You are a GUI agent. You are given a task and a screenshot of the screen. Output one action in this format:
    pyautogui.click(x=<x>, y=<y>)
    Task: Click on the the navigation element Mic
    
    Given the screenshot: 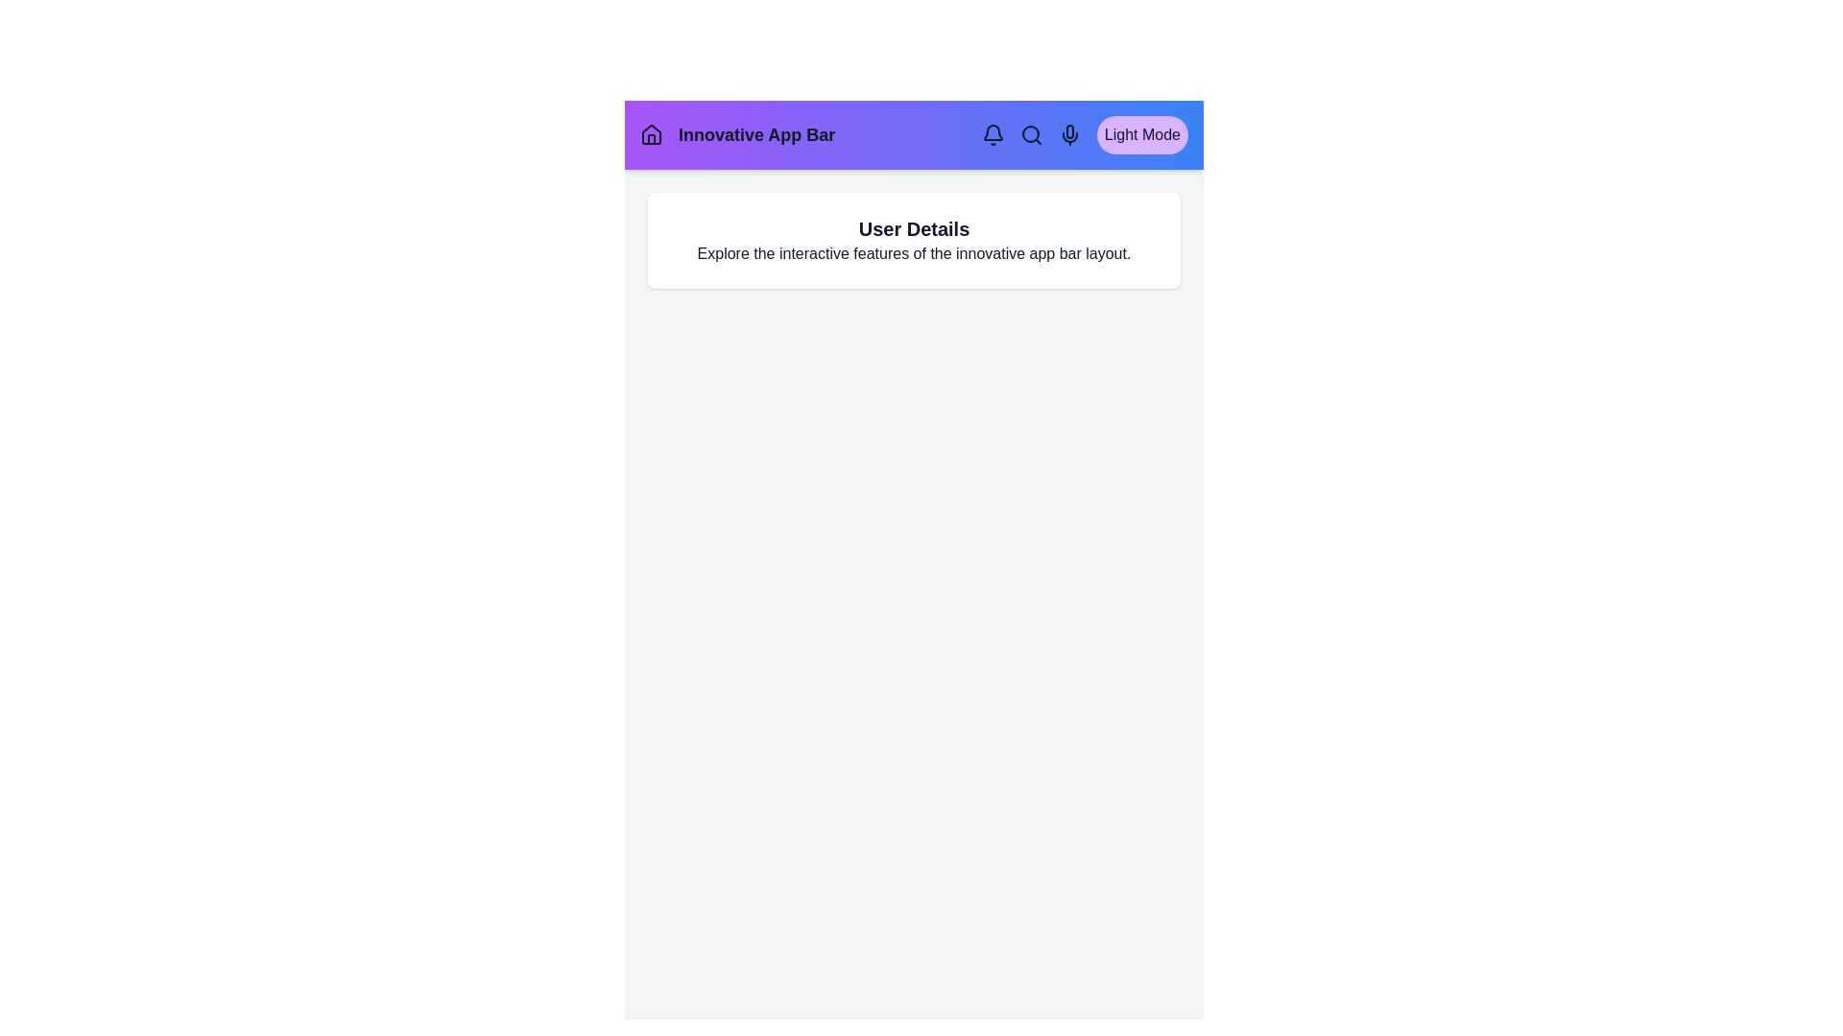 What is the action you would take?
    pyautogui.click(x=1067, y=134)
    